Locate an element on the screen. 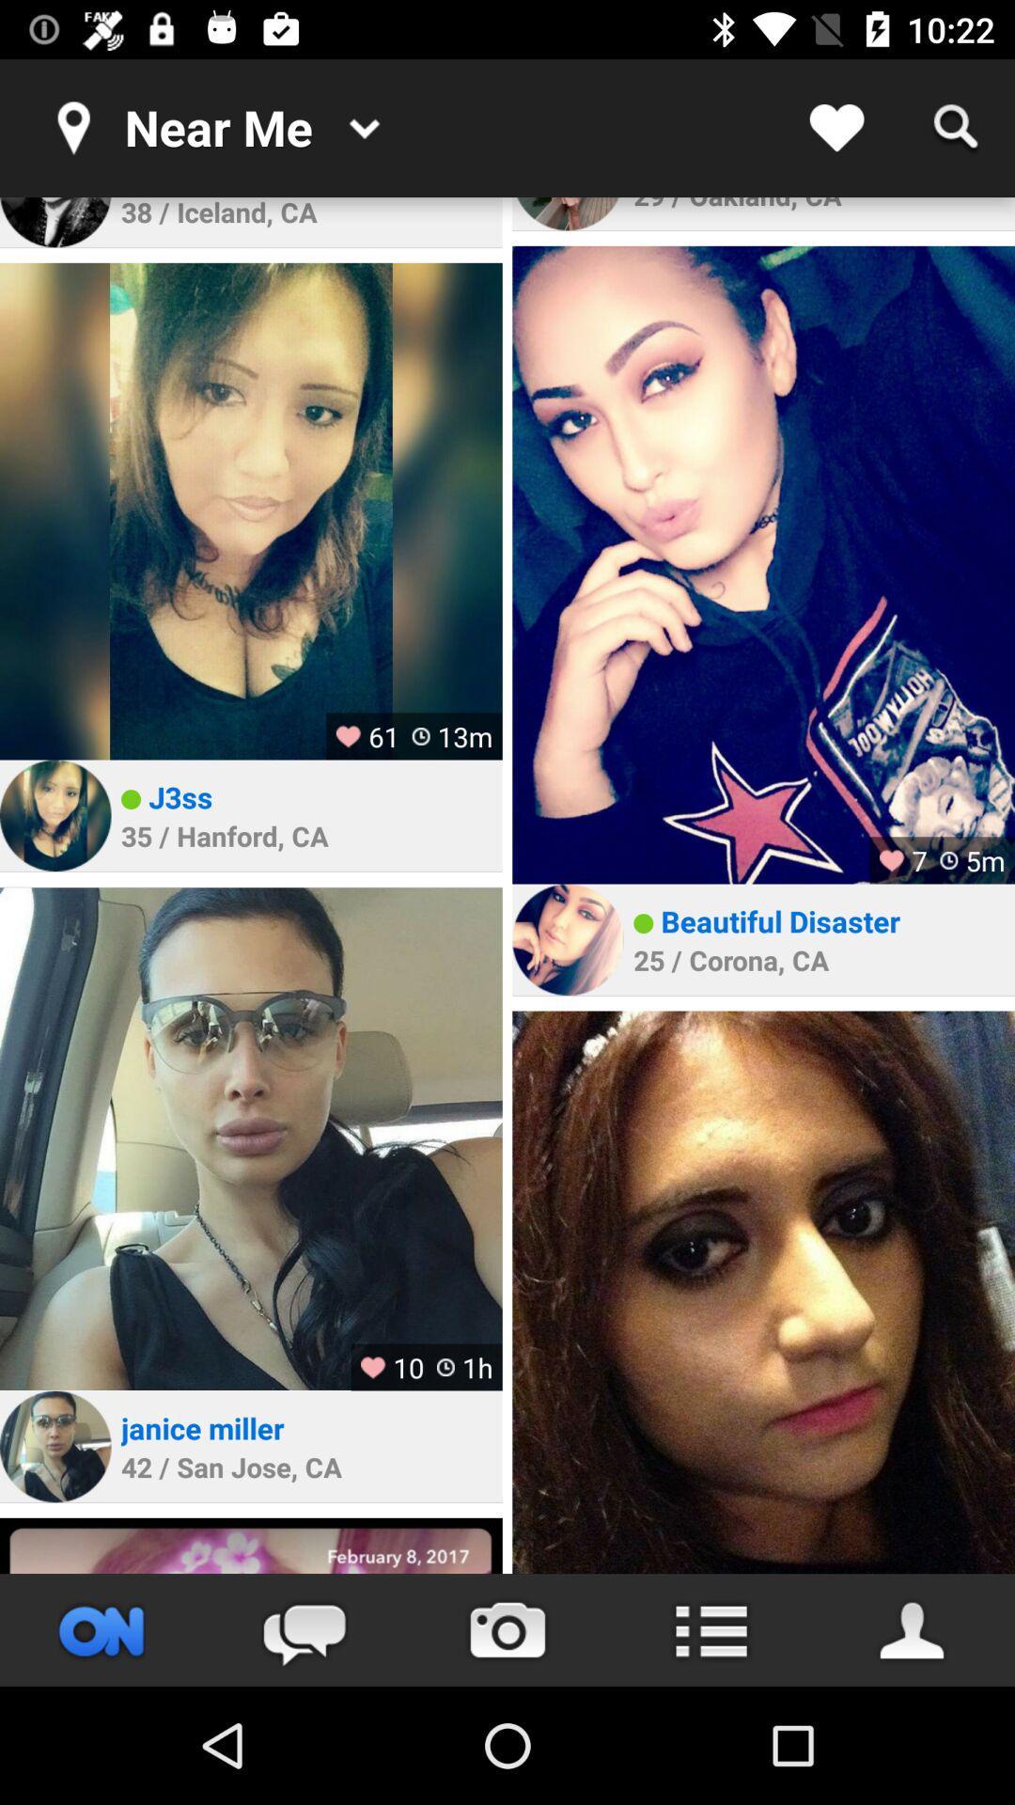 This screenshot has width=1015, height=1805. open person 's profile is located at coordinates (250, 511).